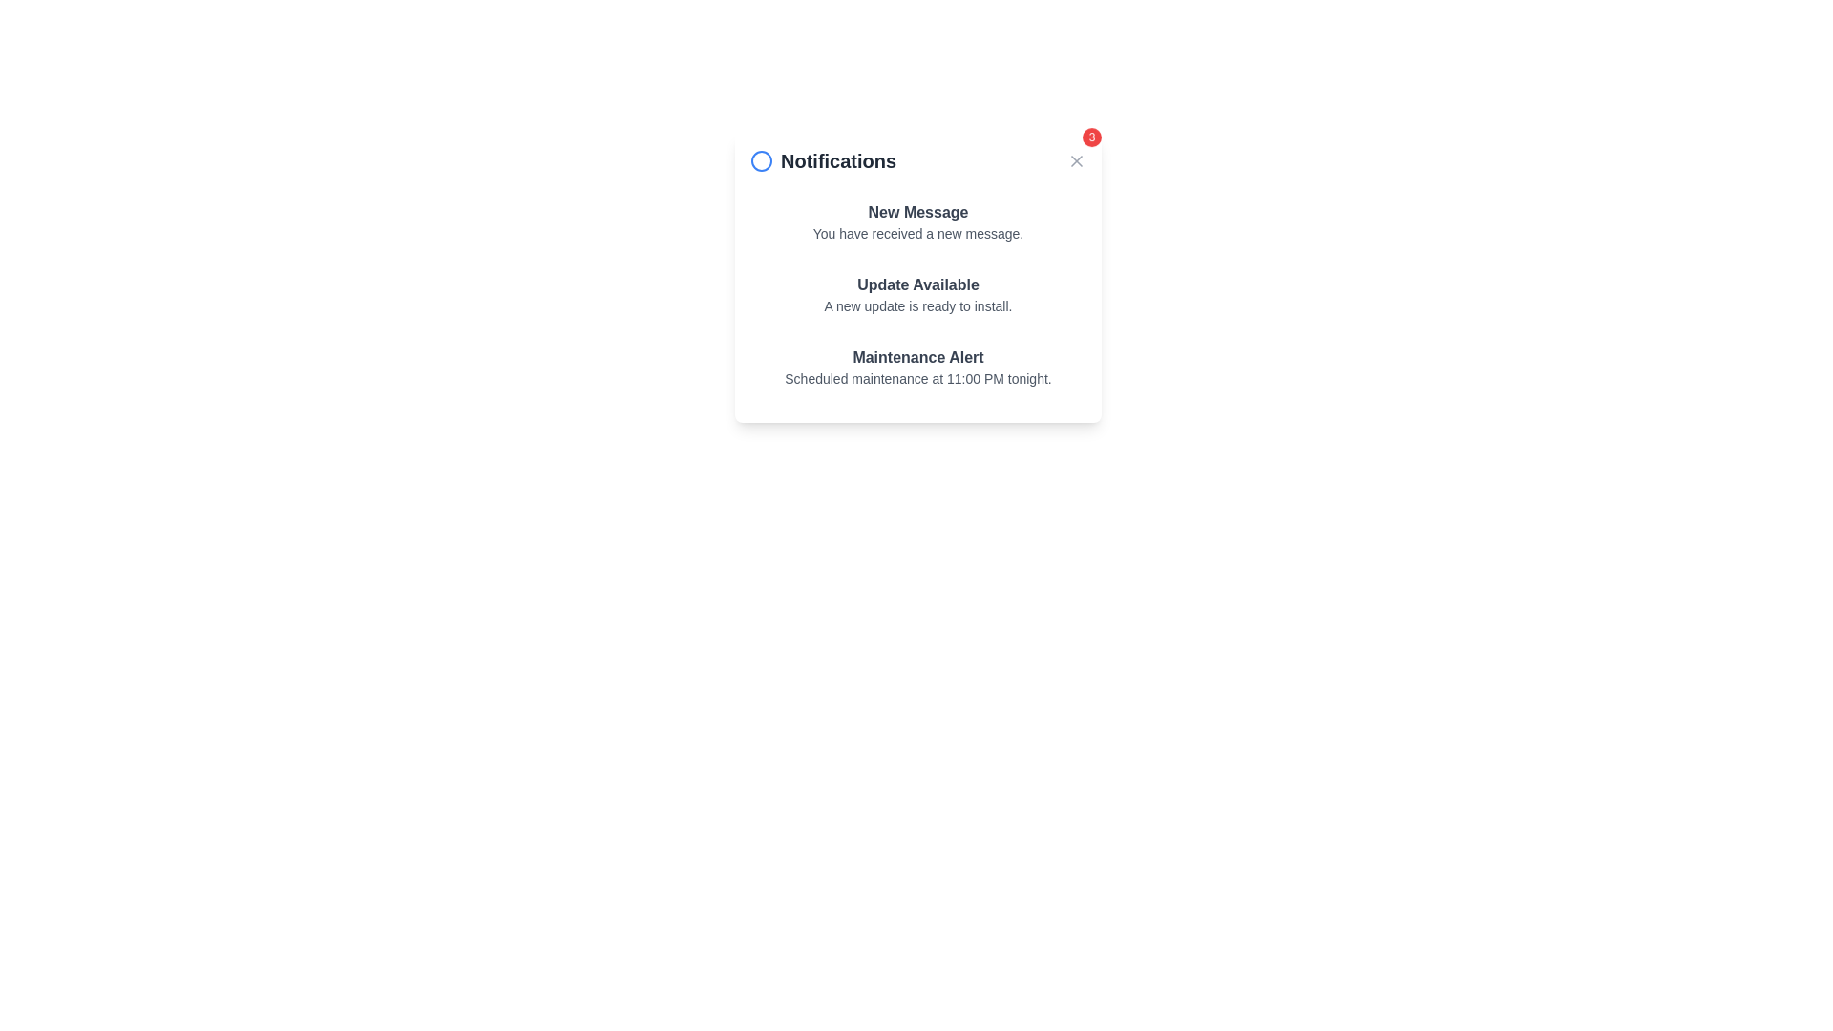 This screenshot has height=1031, width=1833. Describe the element at coordinates (760, 160) in the screenshot. I see `the blue outlined, white filled circular vector graphic component within the SVG, located next to the 'Notifications' text in the notification header` at that location.